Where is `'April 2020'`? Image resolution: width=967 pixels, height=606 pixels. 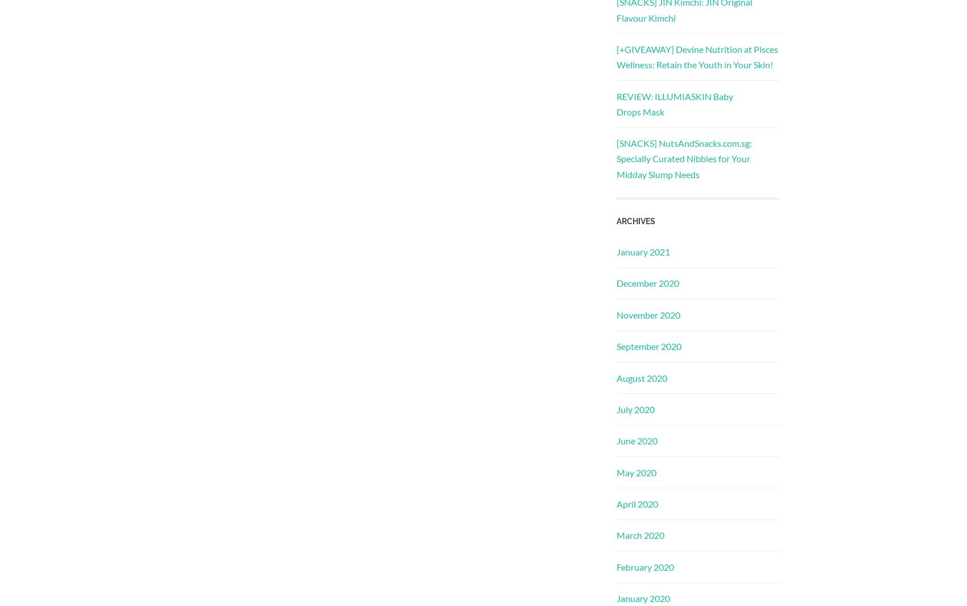 'April 2020' is located at coordinates (637, 504).